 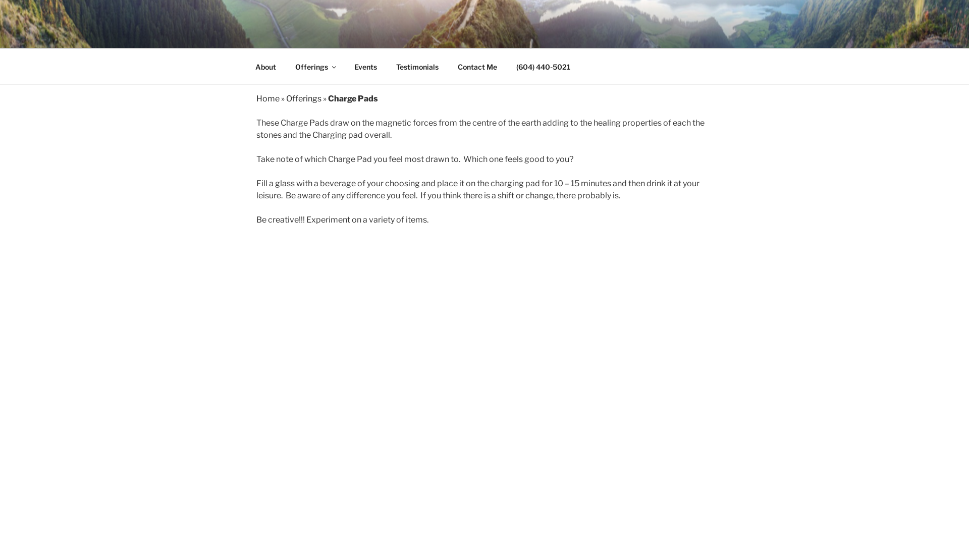 What do you see at coordinates (314, 67) in the screenshot?
I see `'Offerings'` at bounding box center [314, 67].